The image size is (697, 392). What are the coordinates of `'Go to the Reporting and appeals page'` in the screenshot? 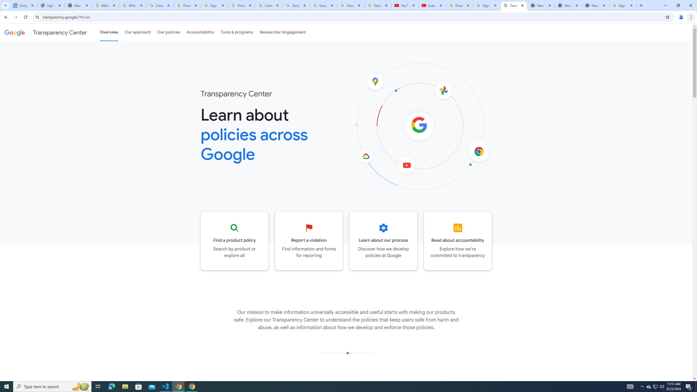 It's located at (309, 241).